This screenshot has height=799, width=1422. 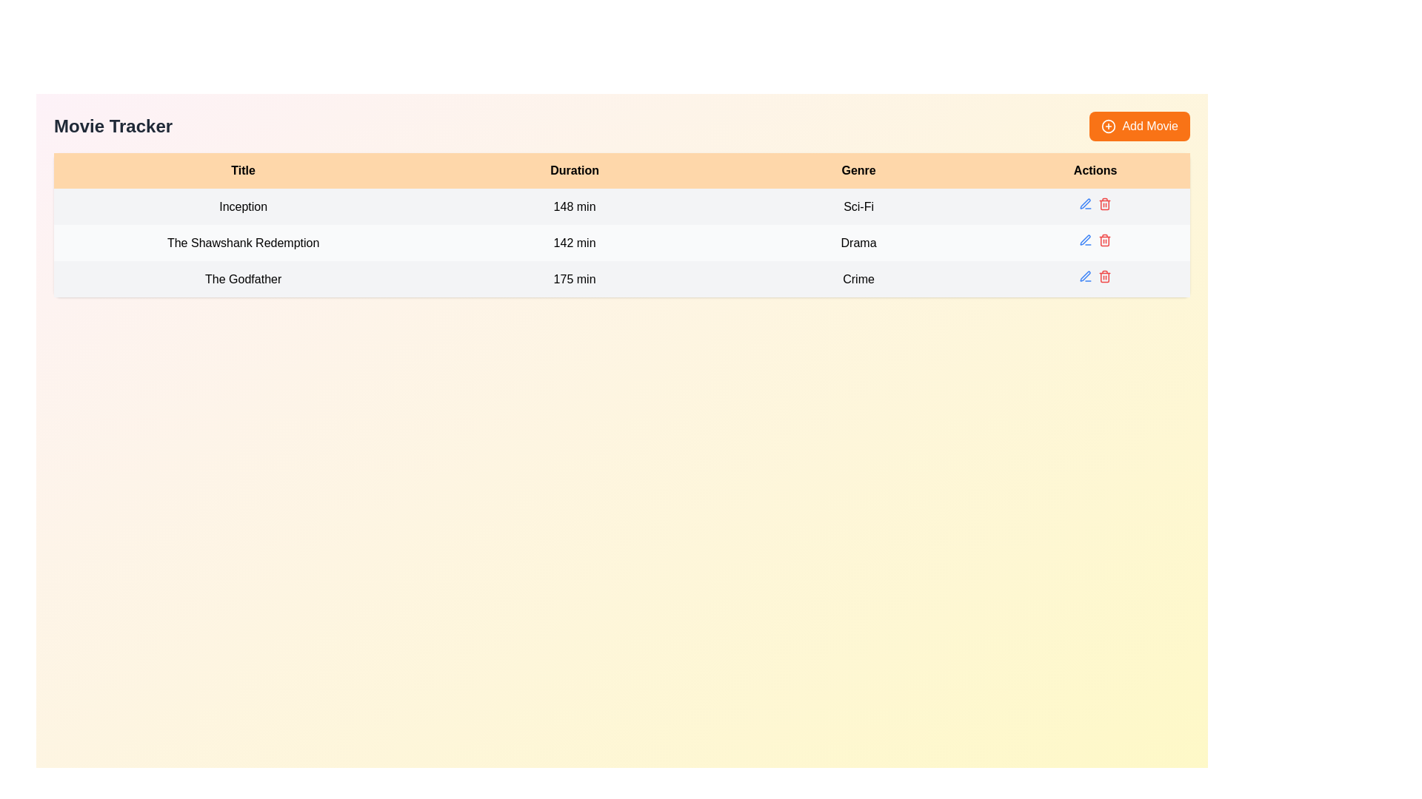 What do you see at coordinates (574, 206) in the screenshot?
I see `the Text Display that shows the runtime of the movie 'Inception', located in the second column under the 'Duration' heading of the movie table` at bounding box center [574, 206].